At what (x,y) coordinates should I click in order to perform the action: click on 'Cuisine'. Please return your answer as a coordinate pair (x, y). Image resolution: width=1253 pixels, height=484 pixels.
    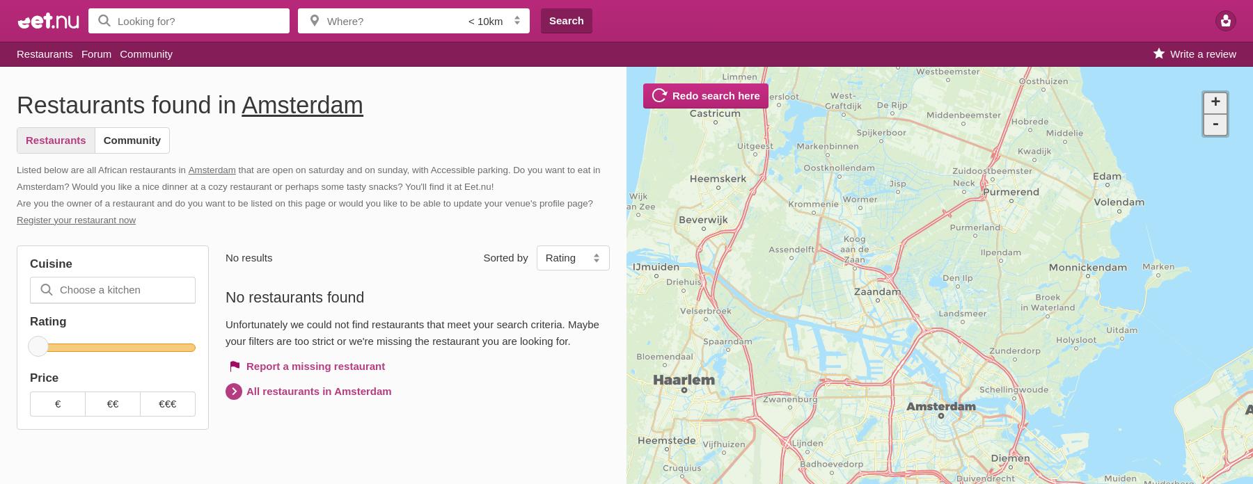
    Looking at the image, I should click on (50, 263).